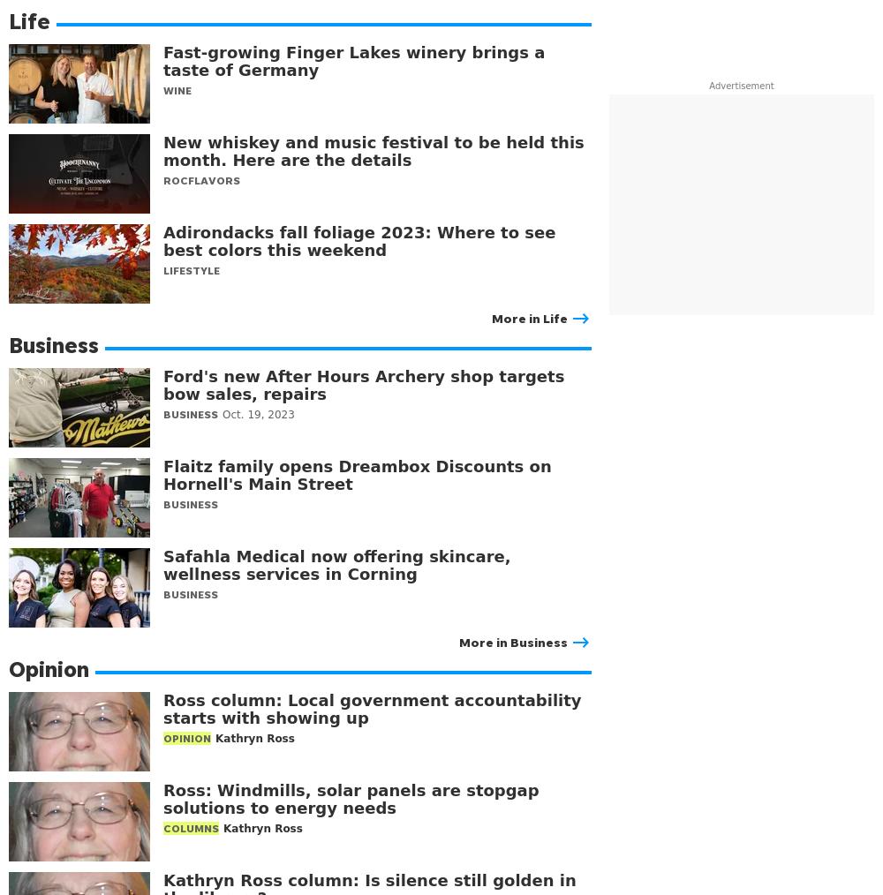  Describe the element at coordinates (374, 150) in the screenshot. I see `'New whiskey and music festival to be held this month. Here are the details'` at that location.